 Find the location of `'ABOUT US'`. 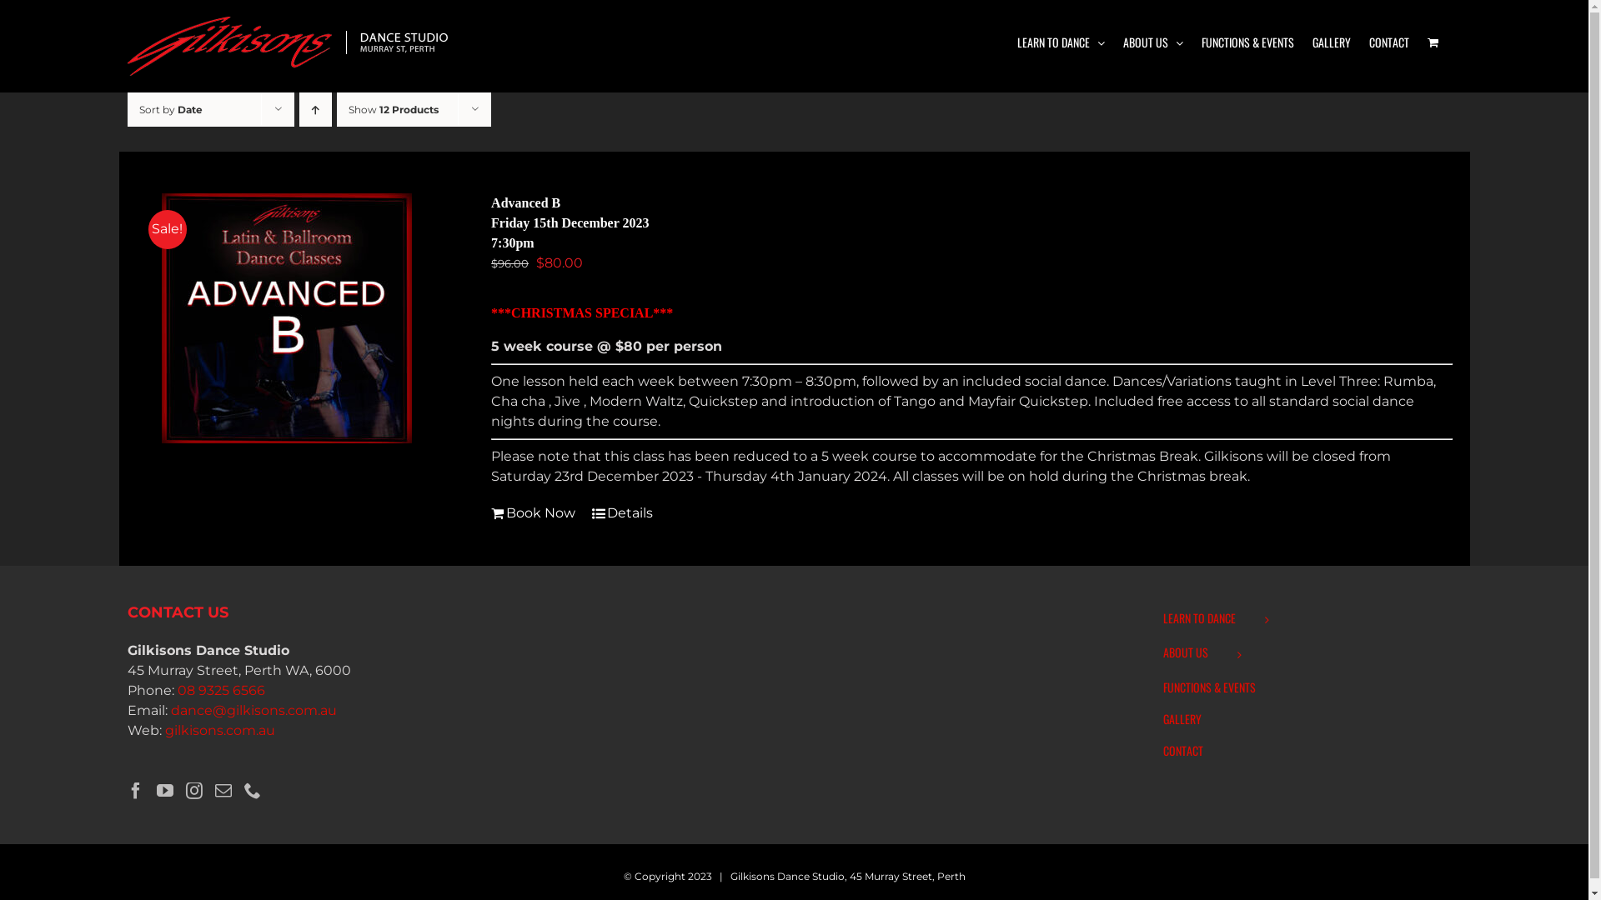

'ABOUT US' is located at coordinates (1122, 41).